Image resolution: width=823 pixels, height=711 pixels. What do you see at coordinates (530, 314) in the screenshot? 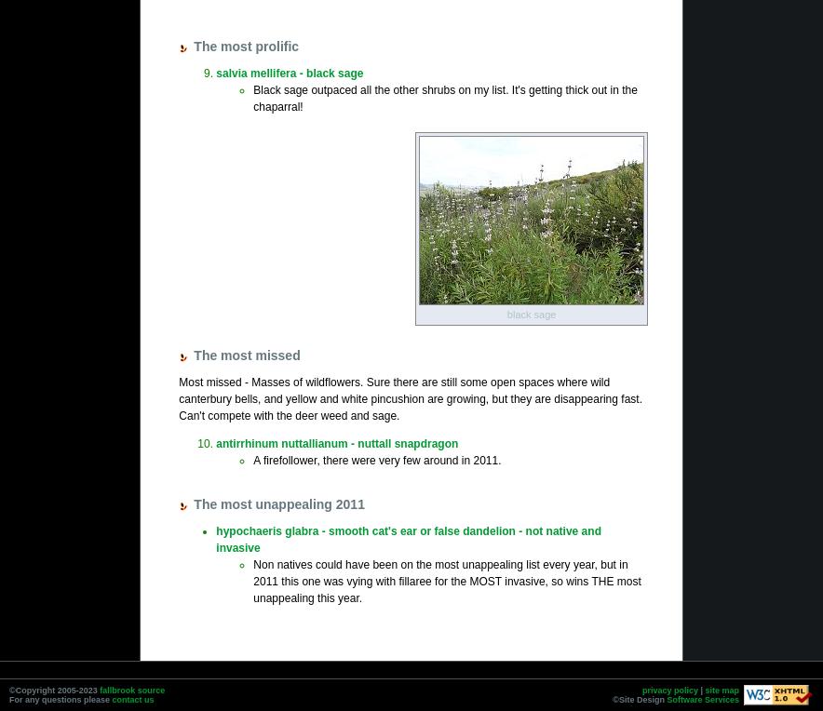
I see `'black sage'` at bounding box center [530, 314].